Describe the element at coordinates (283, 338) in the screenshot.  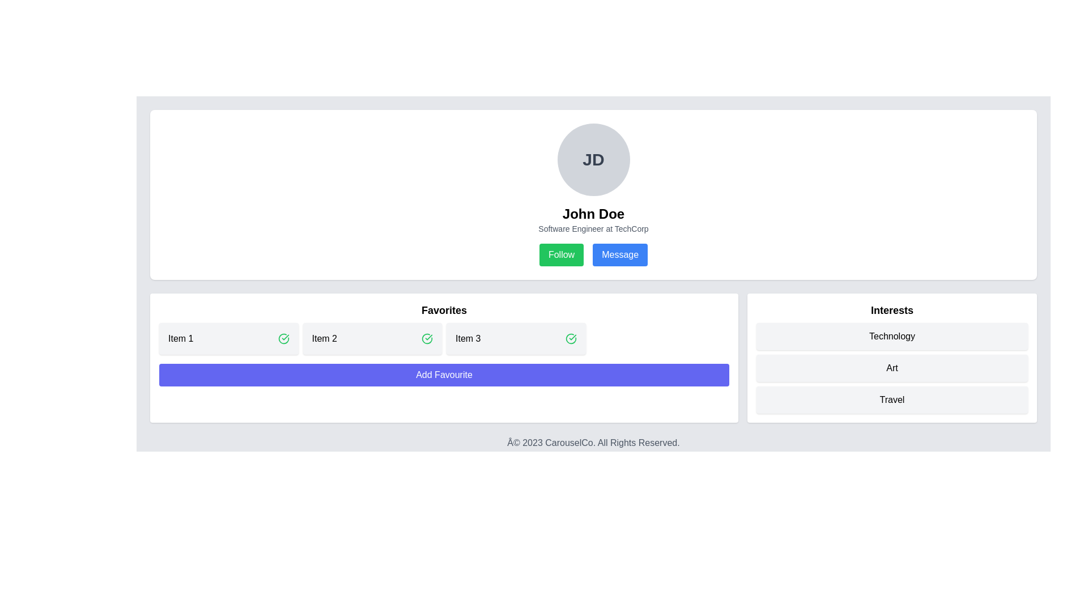
I see `the circular icon with a green border located in the 'Favorites' section, positioned to the right of 'Item 3'` at that location.